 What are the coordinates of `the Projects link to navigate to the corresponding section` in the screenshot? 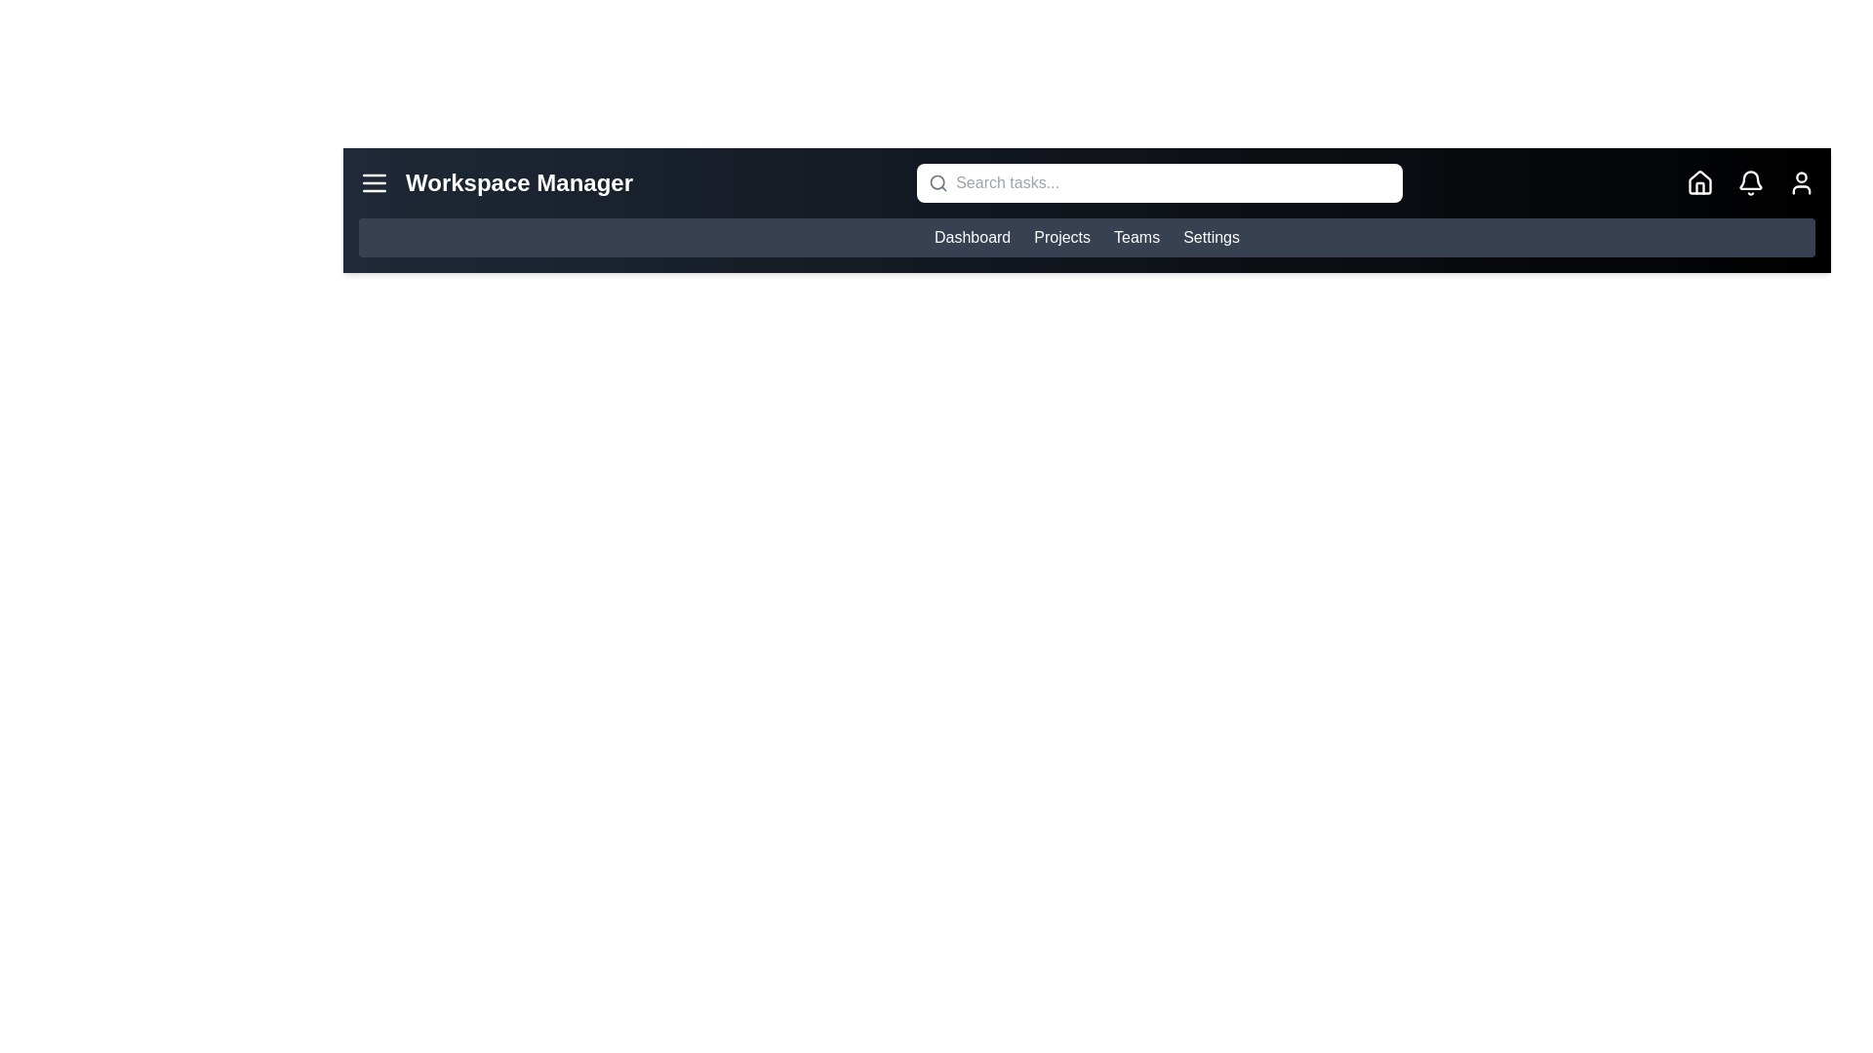 It's located at (1061, 236).